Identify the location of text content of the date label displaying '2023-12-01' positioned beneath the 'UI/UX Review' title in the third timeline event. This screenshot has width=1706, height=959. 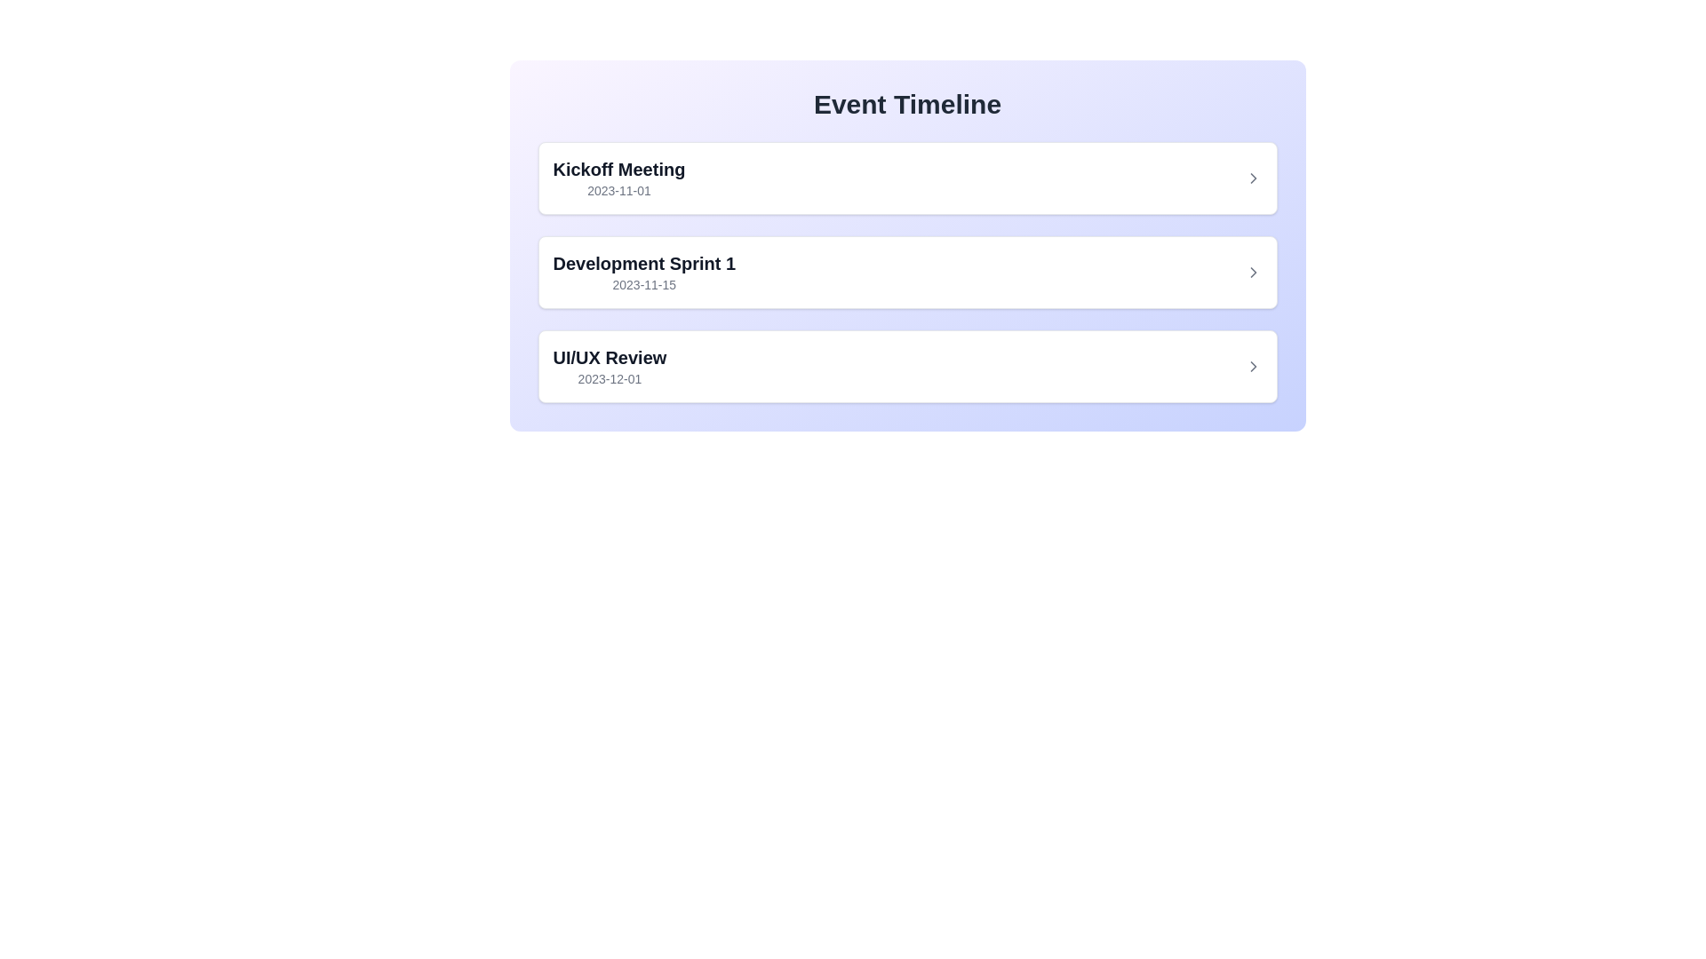
(610, 378).